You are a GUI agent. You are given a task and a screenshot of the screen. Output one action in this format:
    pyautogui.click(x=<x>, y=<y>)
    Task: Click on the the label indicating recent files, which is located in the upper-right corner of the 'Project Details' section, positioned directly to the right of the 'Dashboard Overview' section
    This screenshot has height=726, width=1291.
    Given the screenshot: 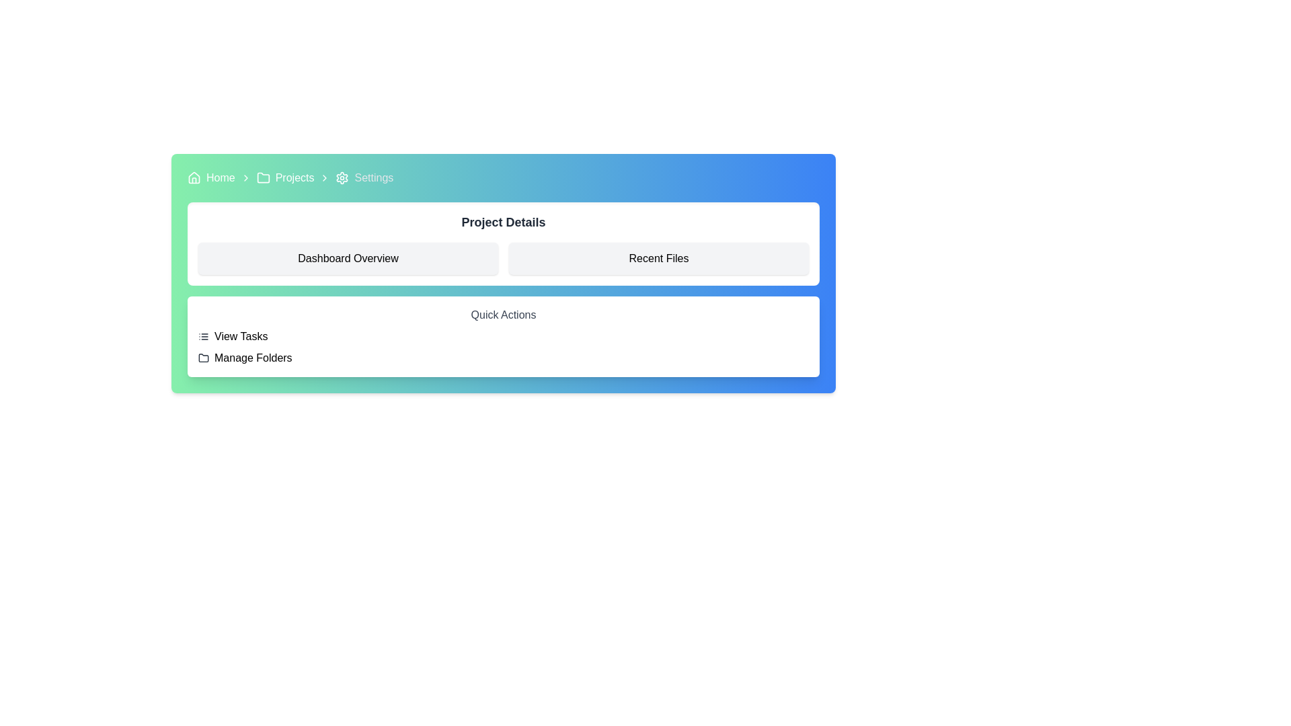 What is the action you would take?
    pyautogui.click(x=658, y=259)
    